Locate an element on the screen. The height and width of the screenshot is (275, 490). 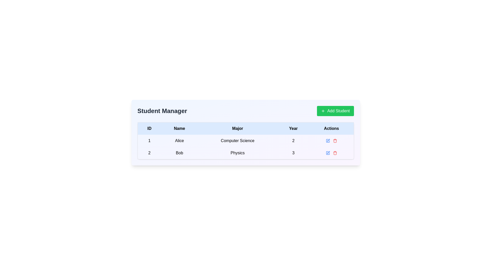
the 'Student Manager' text label located on the left side of the header section, which serves as the title for the interface is located at coordinates (162, 111).